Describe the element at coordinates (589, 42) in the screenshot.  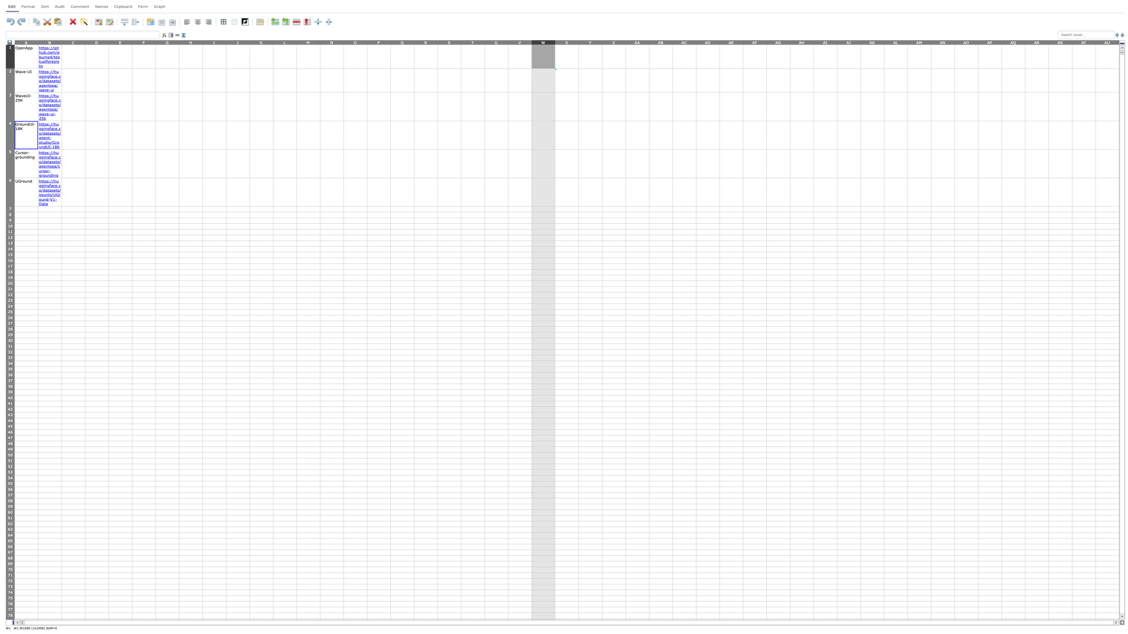
I see `column header Y` at that location.